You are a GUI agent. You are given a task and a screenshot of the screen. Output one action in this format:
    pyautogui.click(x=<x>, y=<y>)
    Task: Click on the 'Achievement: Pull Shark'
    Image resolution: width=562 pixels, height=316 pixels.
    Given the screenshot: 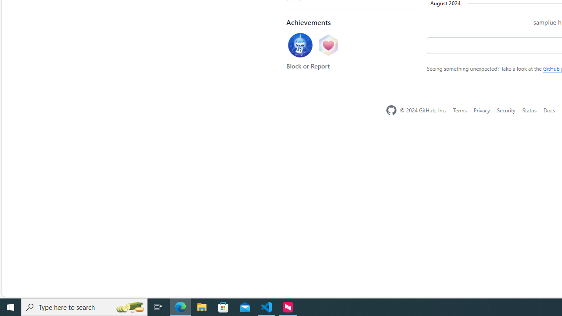 What is the action you would take?
    pyautogui.click(x=300, y=46)
    